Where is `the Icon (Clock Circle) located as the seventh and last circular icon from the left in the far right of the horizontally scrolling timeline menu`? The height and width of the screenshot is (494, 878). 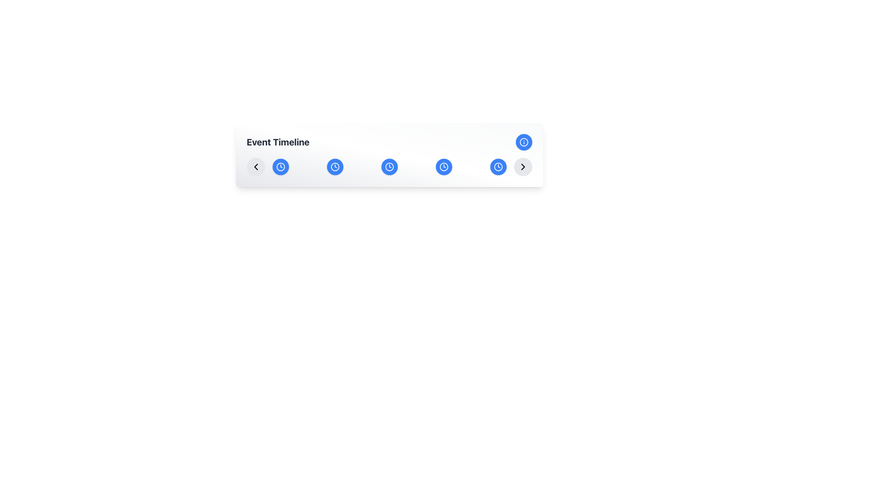
the Icon (Clock Circle) located as the seventh and last circular icon from the left in the far right of the horizontally scrolling timeline menu is located at coordinates (498, 167).